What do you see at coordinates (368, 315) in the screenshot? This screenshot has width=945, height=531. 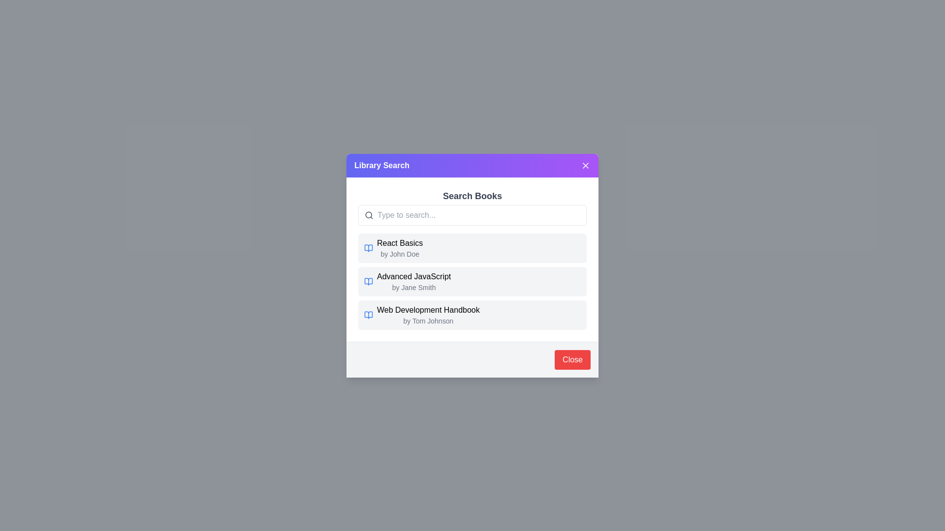 I see `the decorative icon located to the left of the text content in the 'React Basics by John Doe' entry under the 'Search Books' title` at bounding box center [368, 315].